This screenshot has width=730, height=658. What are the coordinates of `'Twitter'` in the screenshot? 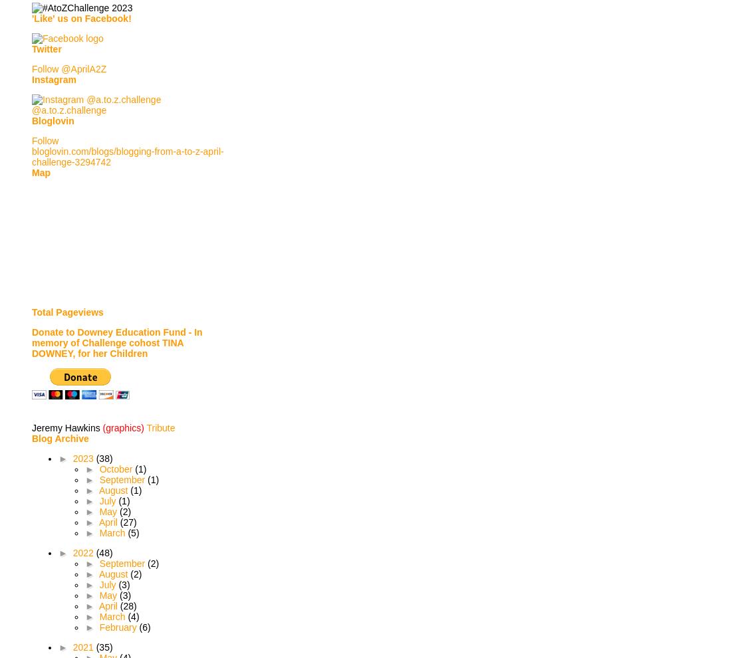 It's located at (46, 49).